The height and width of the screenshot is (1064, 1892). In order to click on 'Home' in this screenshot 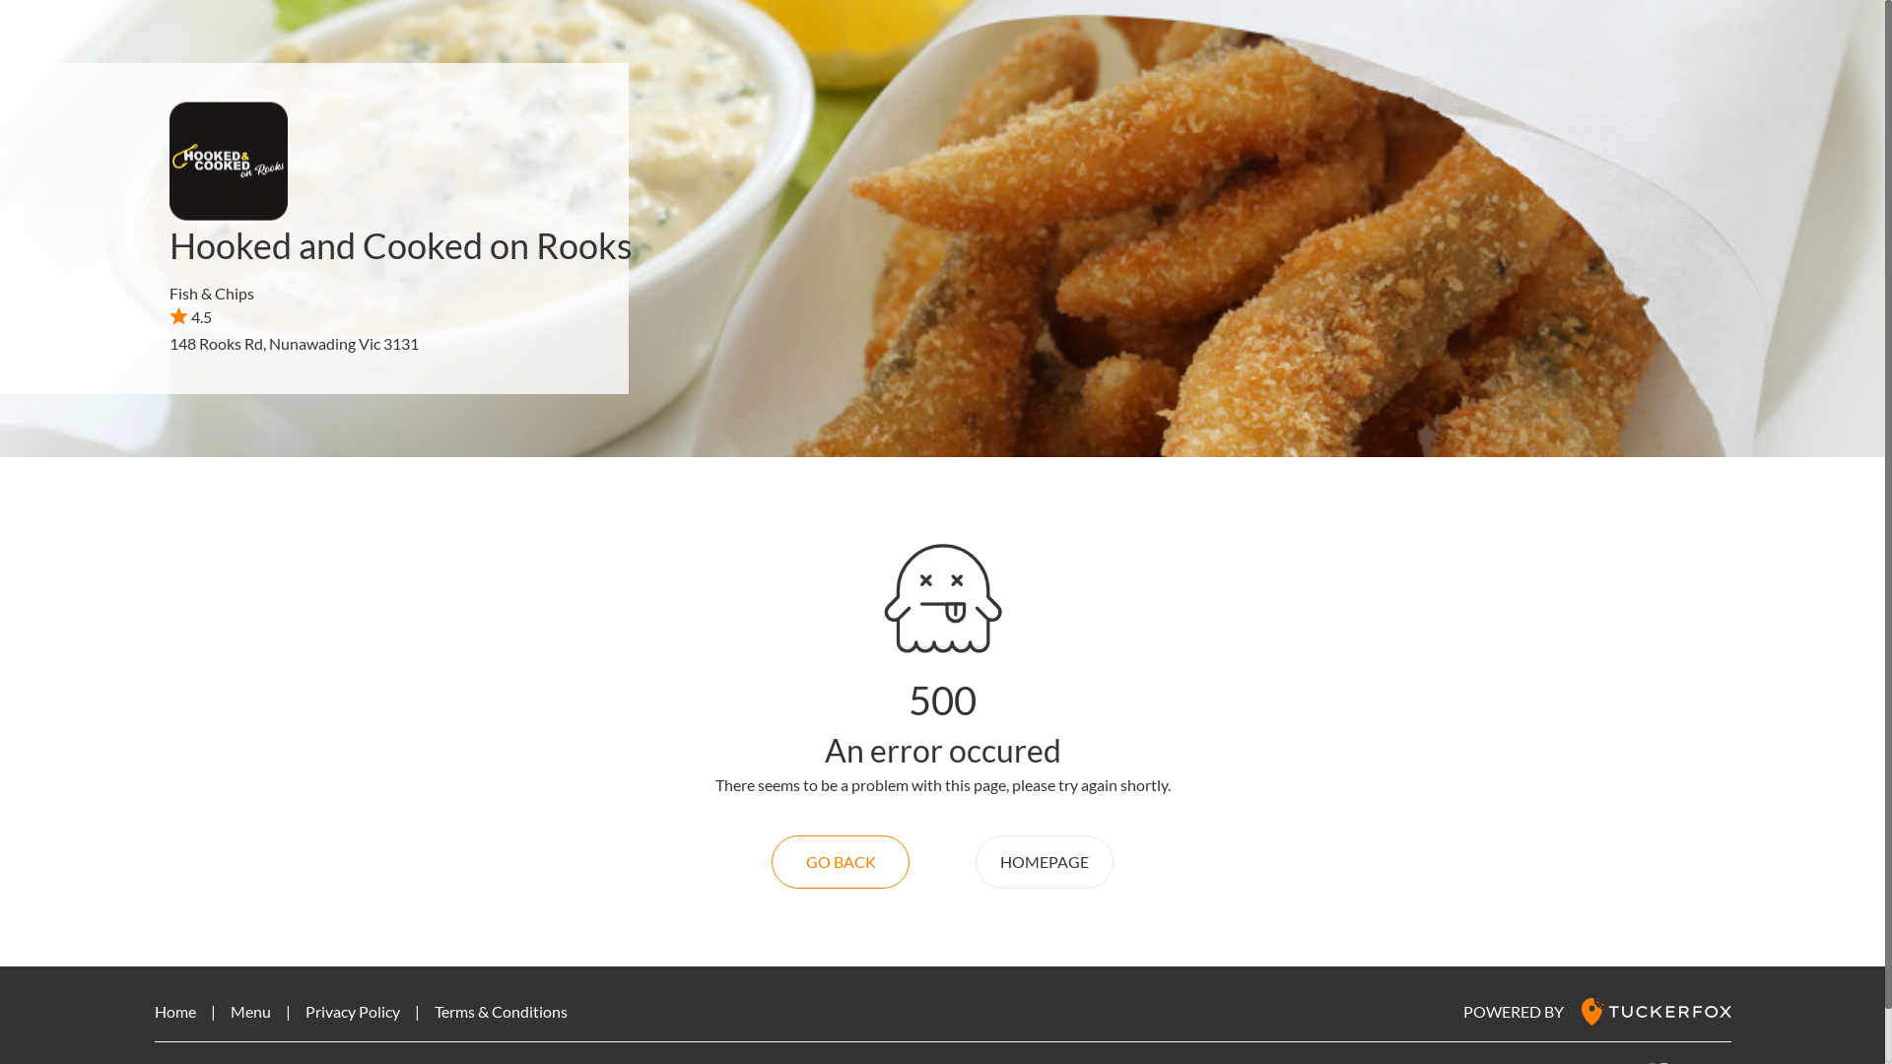, I will do `click(174, 1011)`.